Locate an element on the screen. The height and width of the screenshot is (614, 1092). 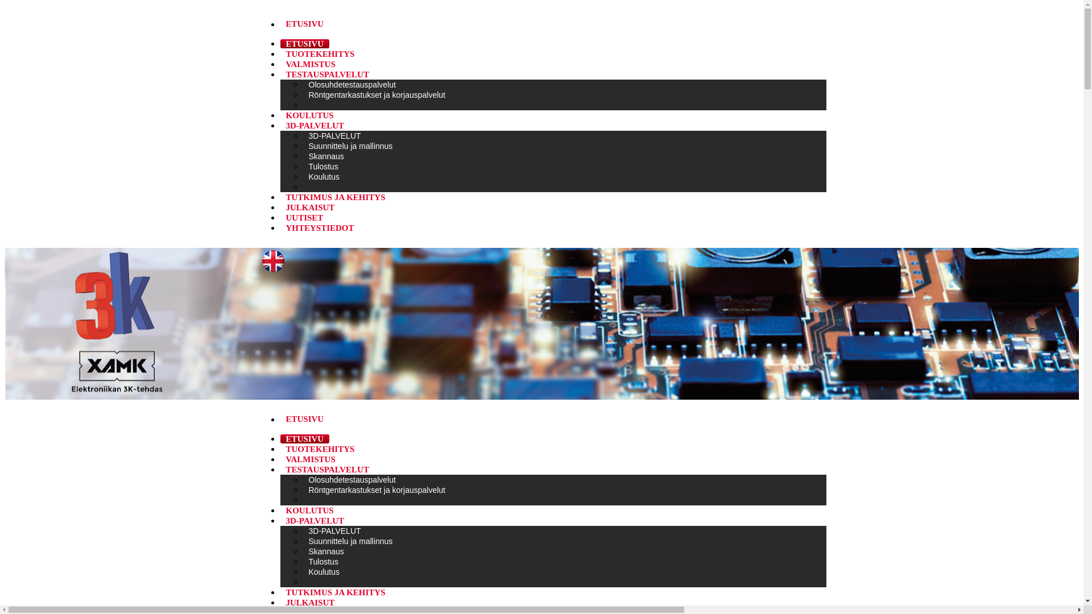
'ETUSIVU ' is located at coordinates (552, 24).